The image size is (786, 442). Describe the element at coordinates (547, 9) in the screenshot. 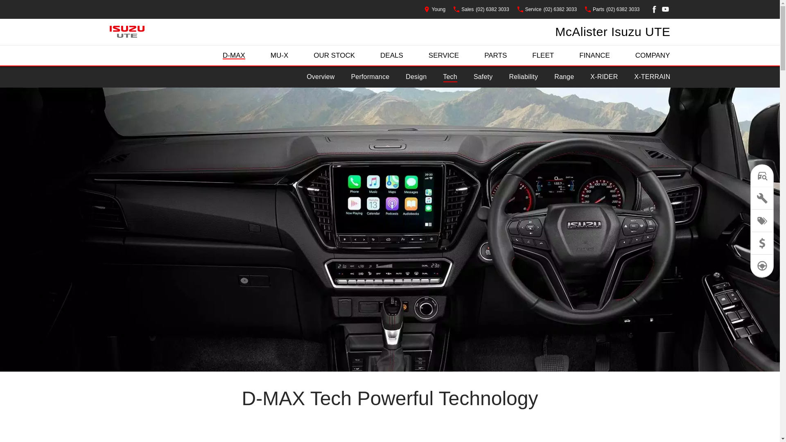

I see `'Service` at that location.